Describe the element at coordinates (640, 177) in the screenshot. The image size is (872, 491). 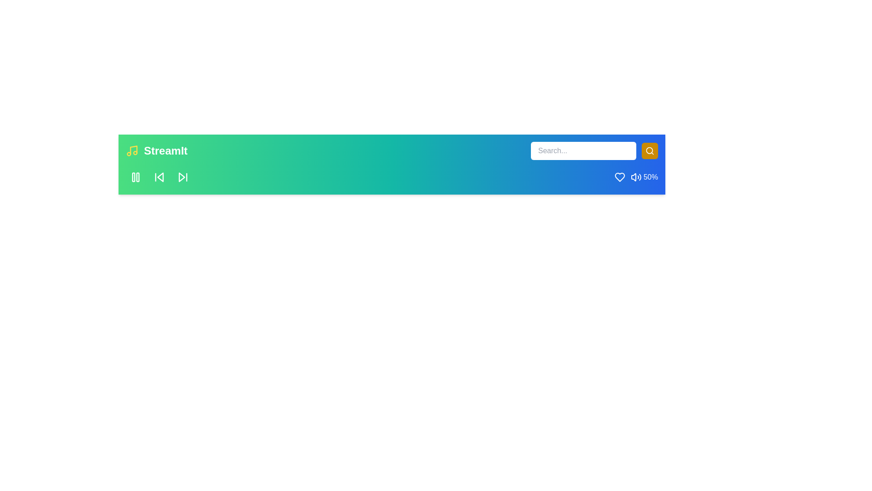
I see `the volume to 93% by interacting with the volume control` at that location.